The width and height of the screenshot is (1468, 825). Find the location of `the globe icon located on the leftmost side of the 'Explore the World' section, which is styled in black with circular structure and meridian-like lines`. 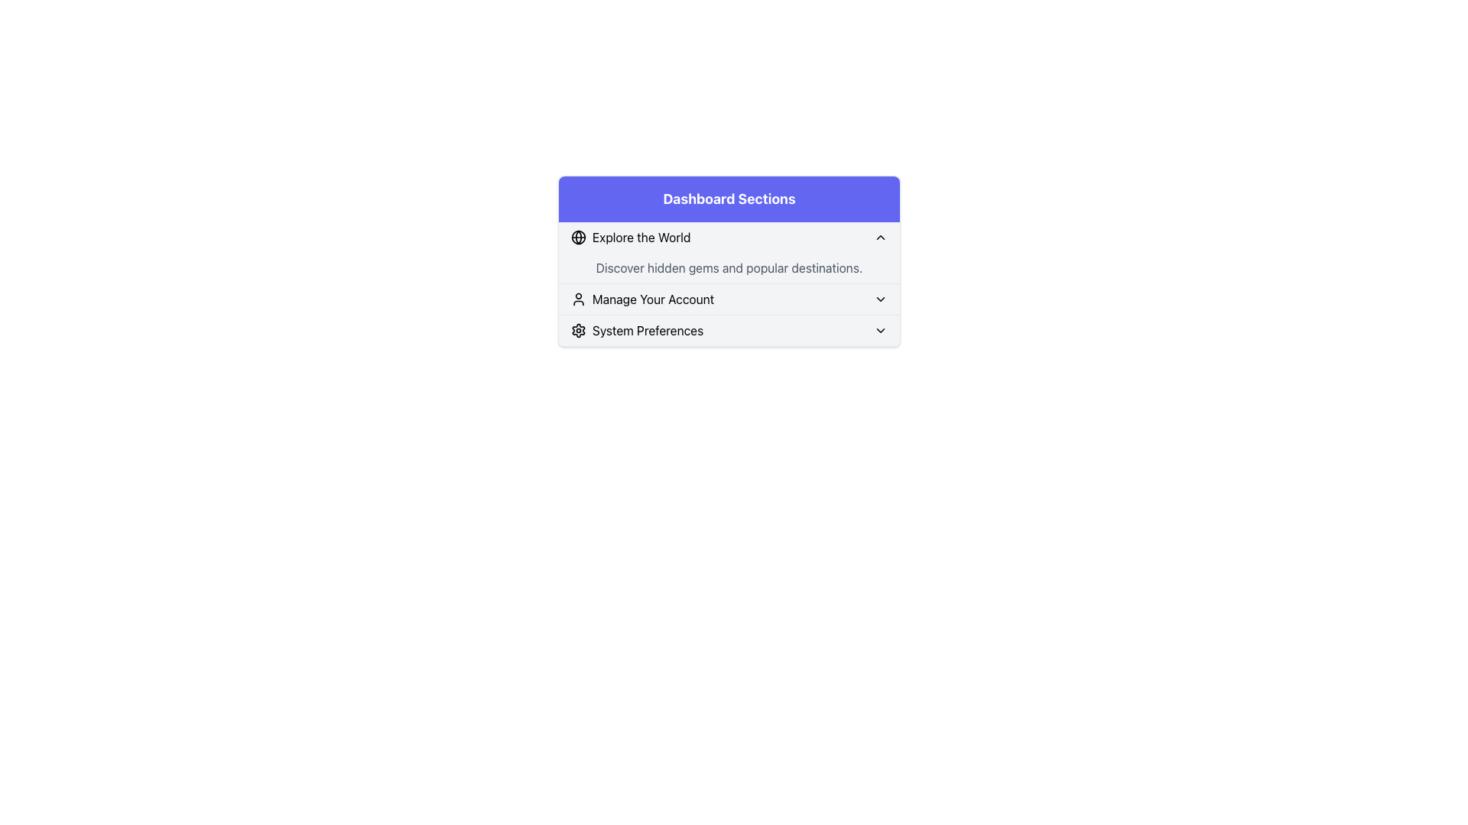

the globe icon located on the leftmost side of the 'Explore the World' section, which is styled in black with circular structure and meridian-like lines is located at coordinates (578, 238).